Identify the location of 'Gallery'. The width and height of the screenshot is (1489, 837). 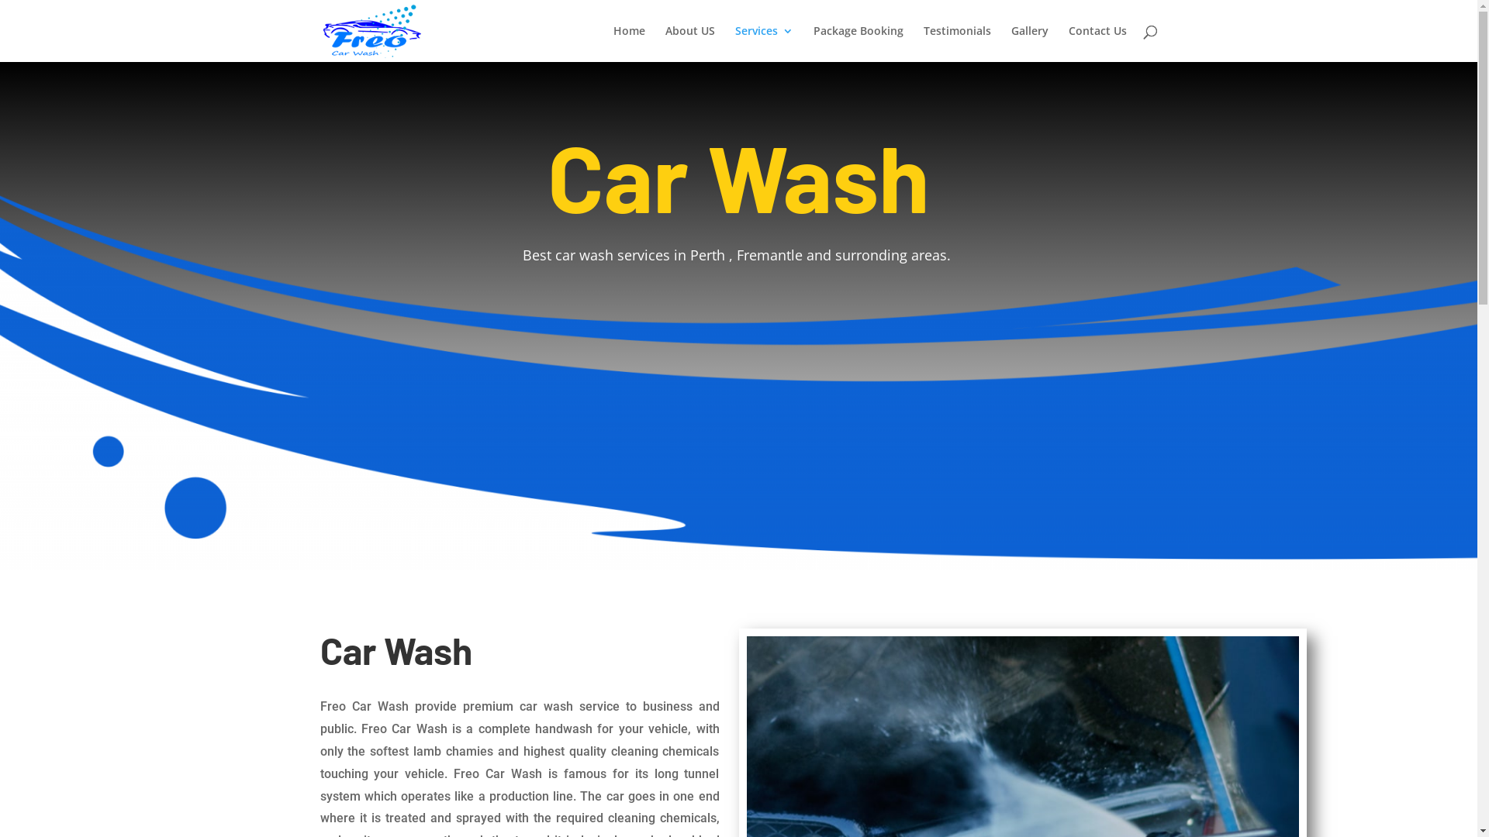
(1030, 43).